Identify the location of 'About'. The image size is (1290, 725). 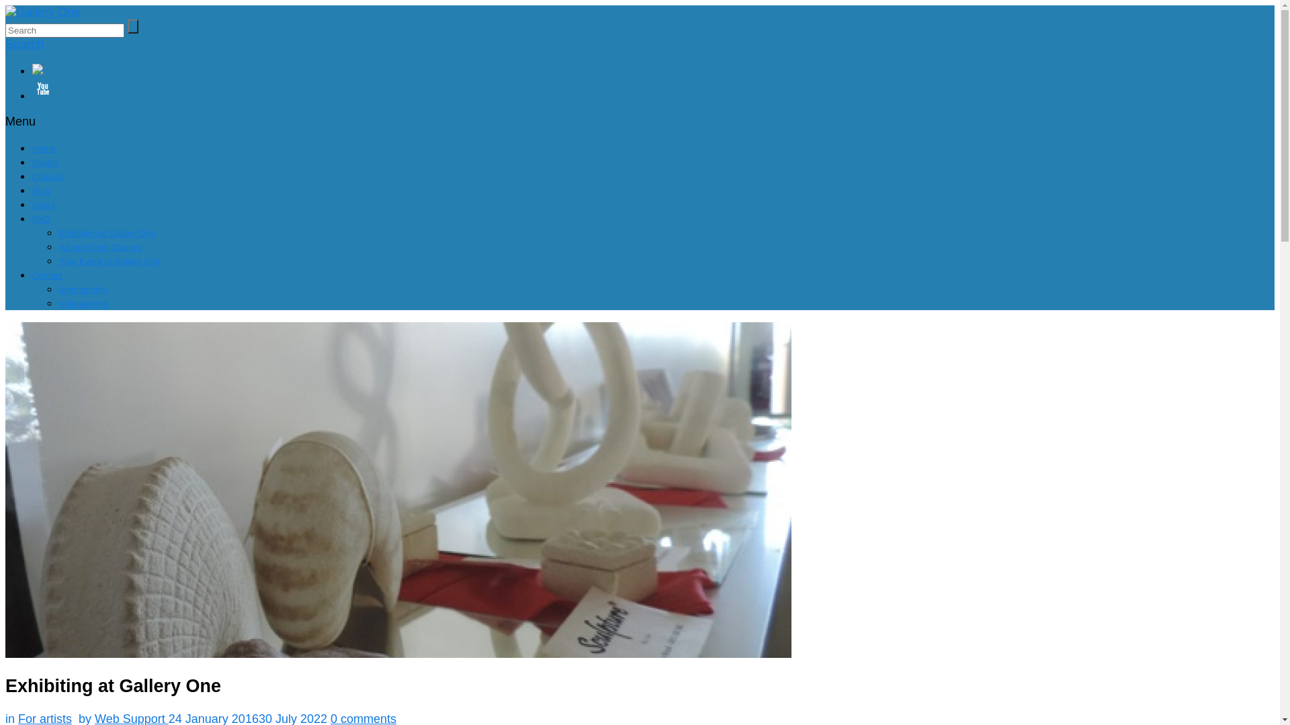
(44, 205).